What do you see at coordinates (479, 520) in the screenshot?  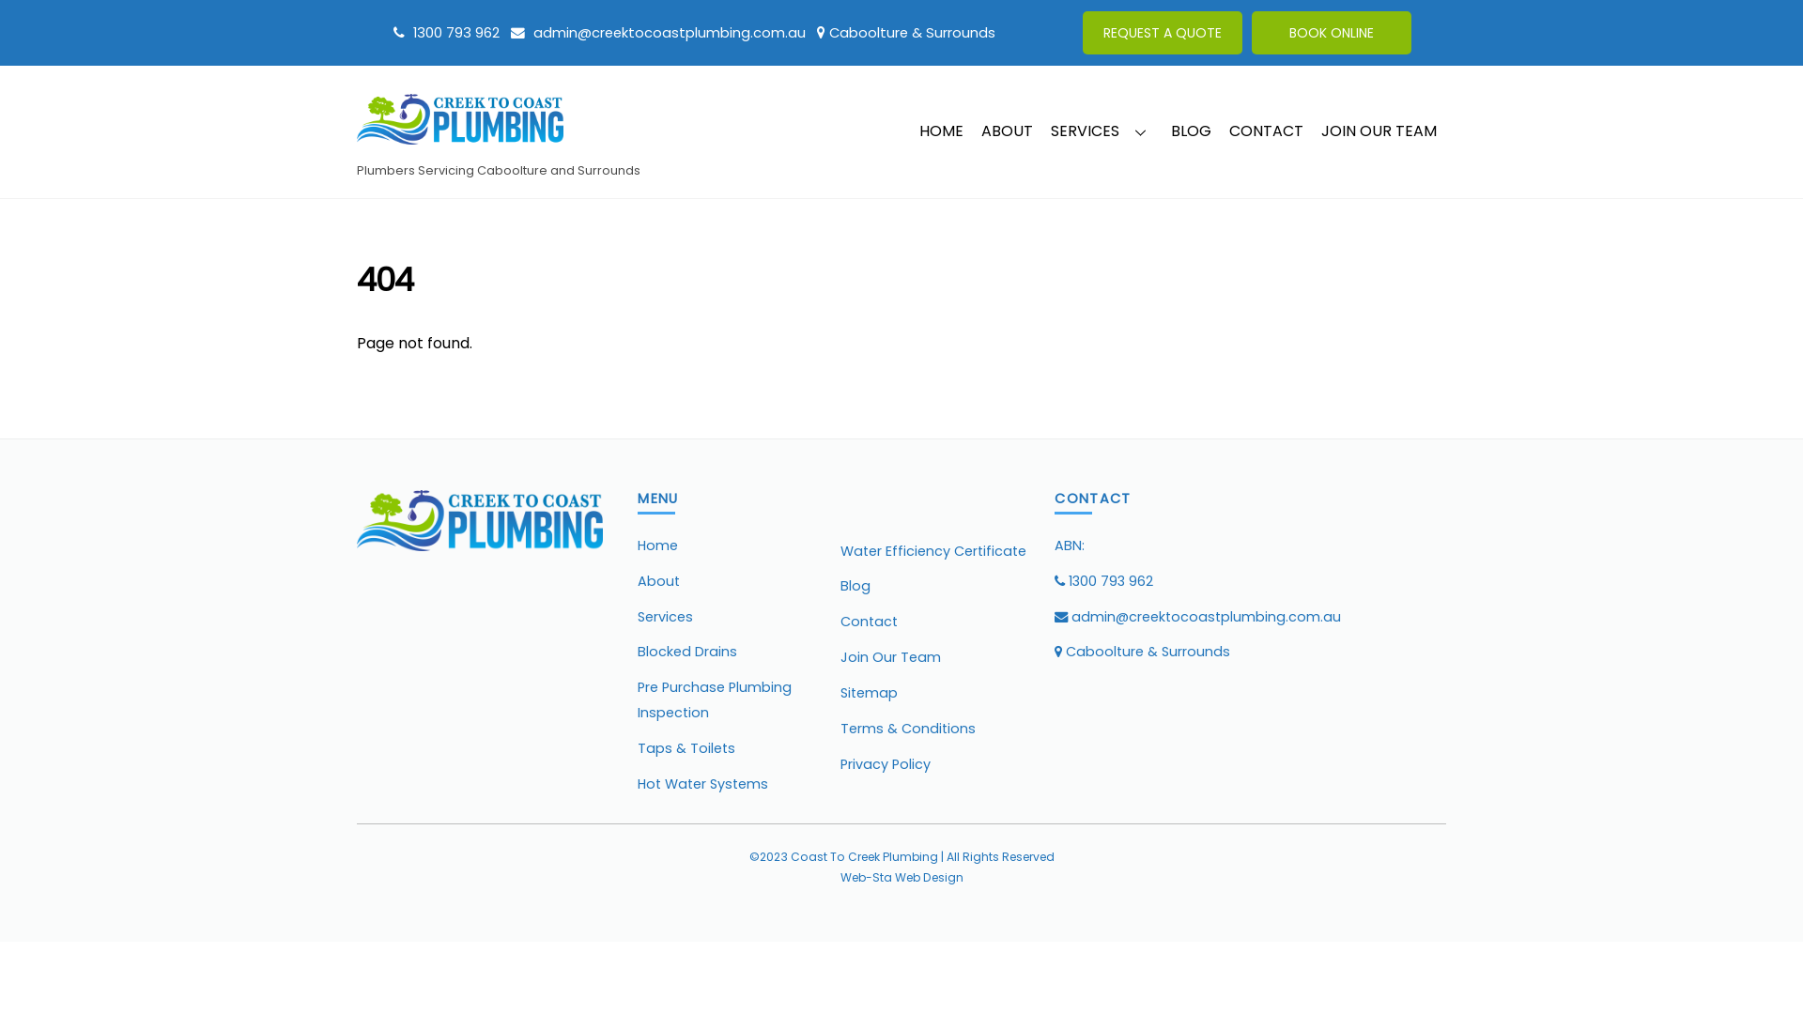 I see `'Creek to Coast Plumbing'` at bounding box center [479, 520].